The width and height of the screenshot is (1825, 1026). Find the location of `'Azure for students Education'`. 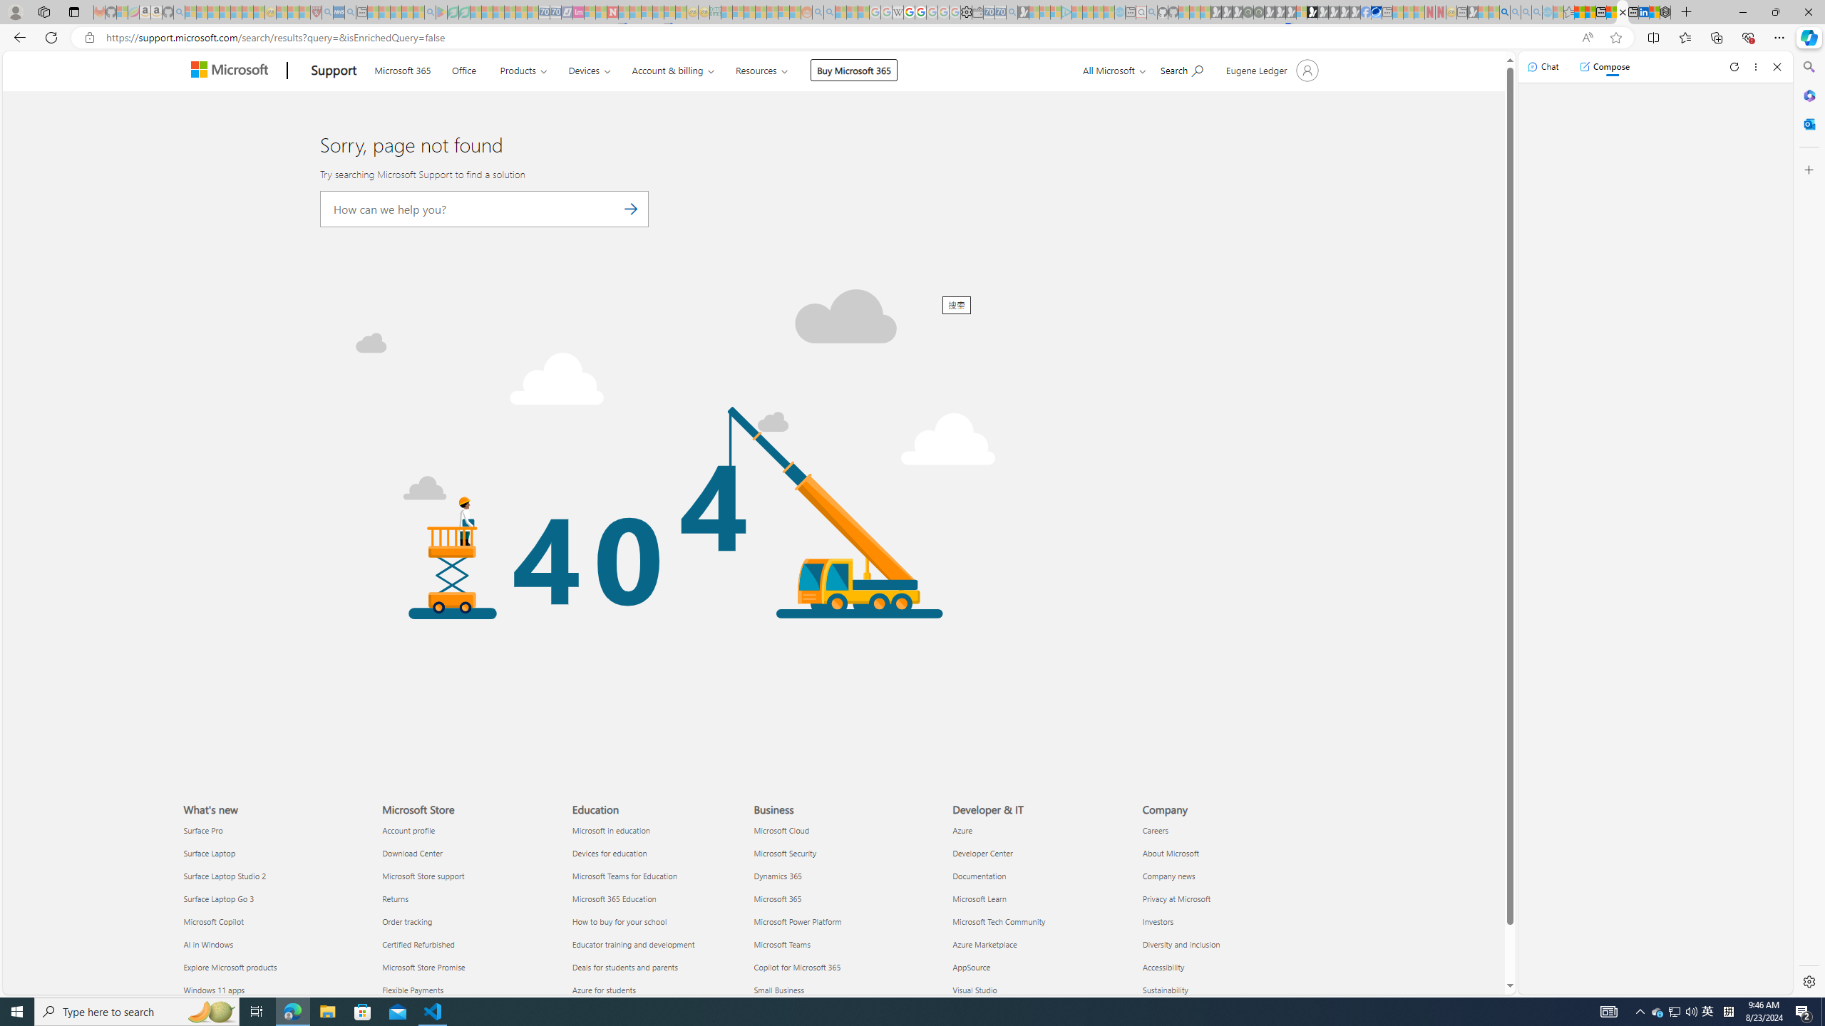

'Azure for students Education' is located at coordinates (602, 988).